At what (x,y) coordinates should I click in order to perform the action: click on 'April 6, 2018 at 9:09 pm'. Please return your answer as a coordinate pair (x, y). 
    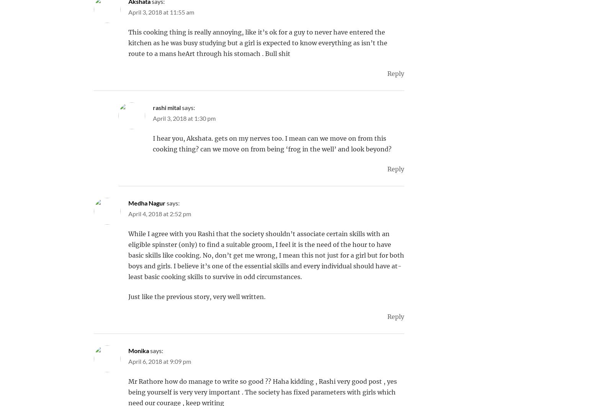
    Looking at the image, I should click on (159, 361).